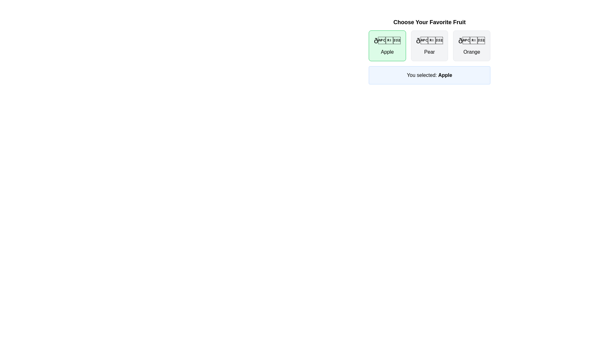 This screenshot has height=339, width=602. What do you see at coordinates (387, 46) in the screenshot?
I see `the selectable card representing 'Apple' in the top-left corner of the grid` at bounding box center [387, 46].